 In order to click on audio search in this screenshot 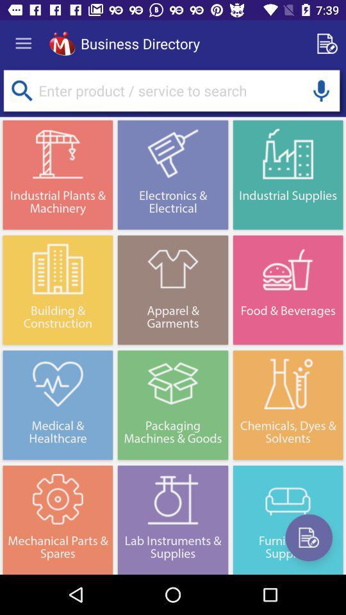, I will do `click(320, 90)`.